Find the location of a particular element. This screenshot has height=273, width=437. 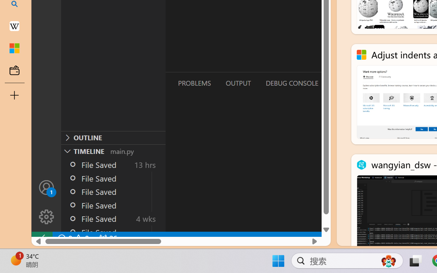

'remote' is located at coordinates (41, 238).